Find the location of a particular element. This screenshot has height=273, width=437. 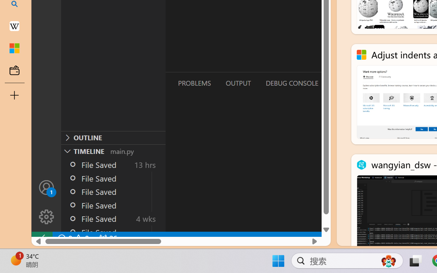

'remote' is located at coordinates (41, 238).